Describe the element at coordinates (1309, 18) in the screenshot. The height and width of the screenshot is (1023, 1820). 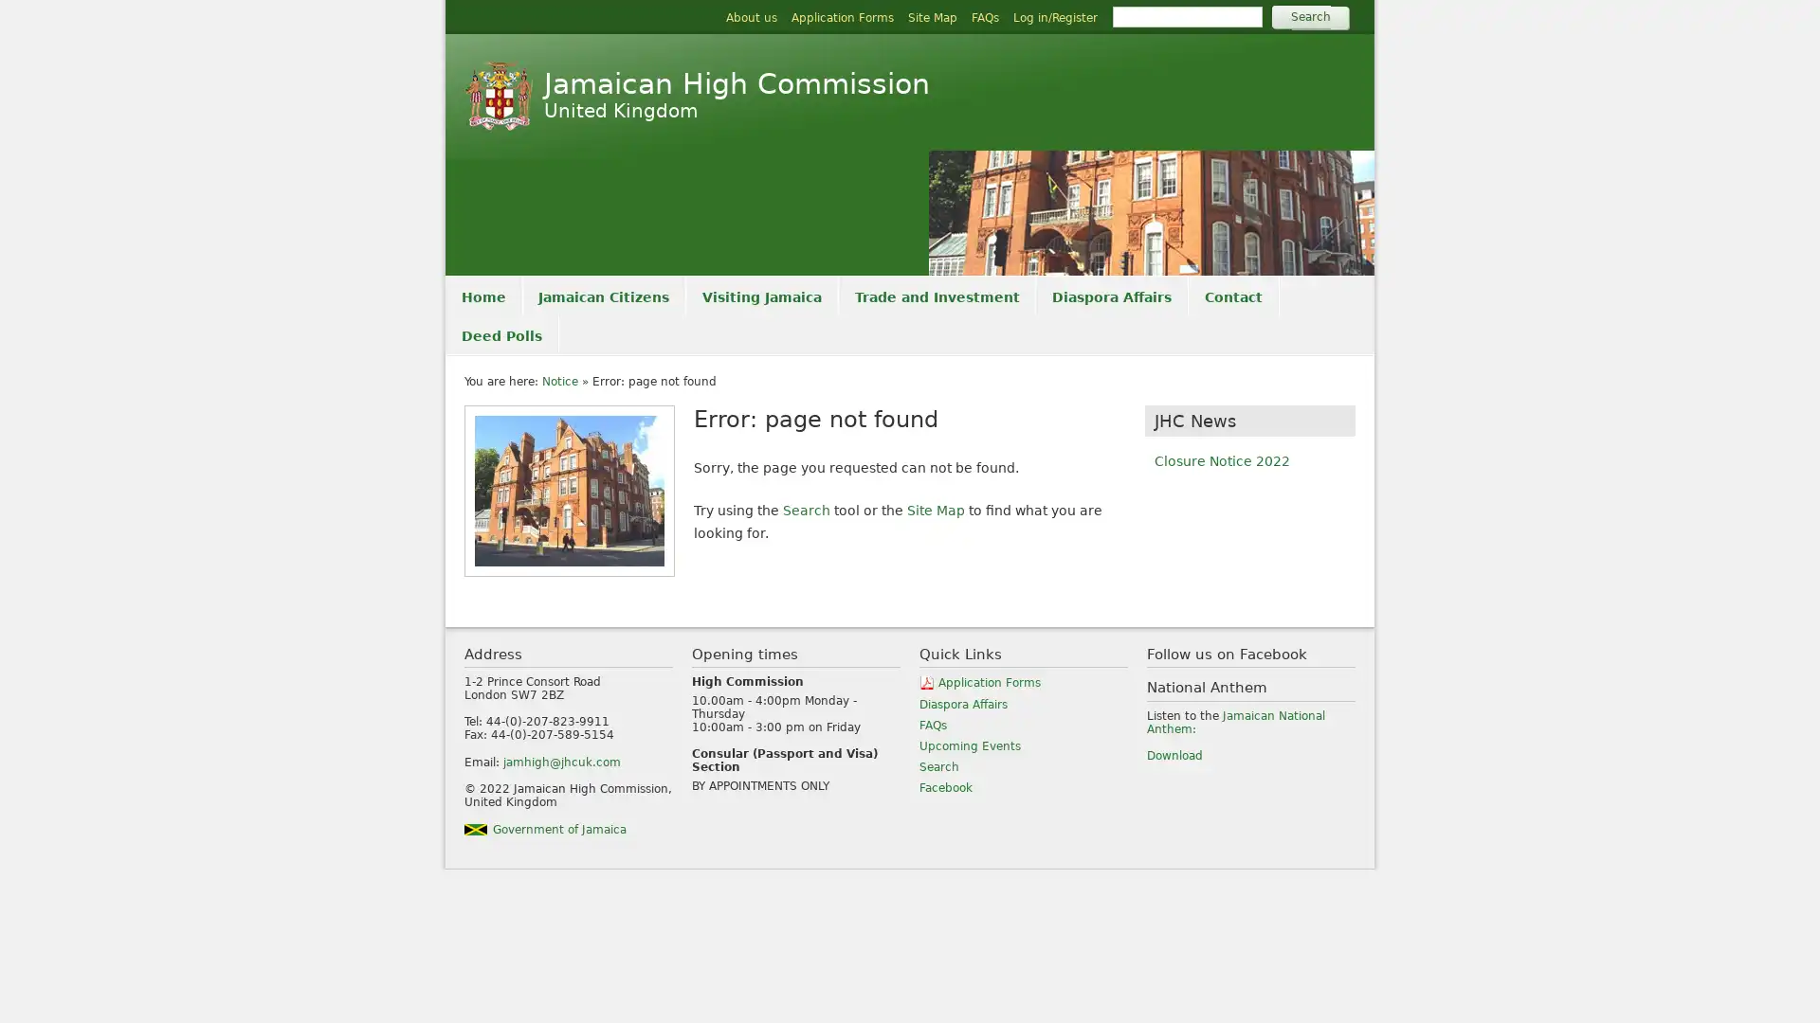
I see `Search` at that location.